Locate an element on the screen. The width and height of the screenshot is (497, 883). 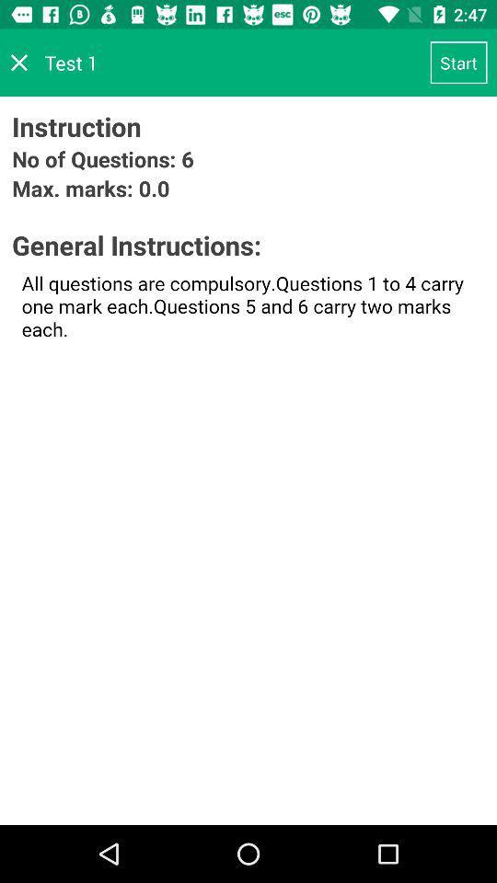
cancel option is located at coordinates (18, 63).